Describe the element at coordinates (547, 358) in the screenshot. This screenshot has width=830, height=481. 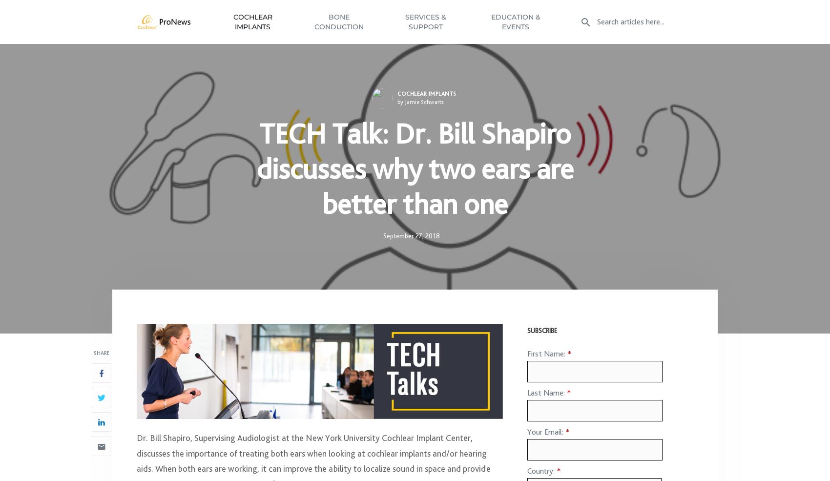
I see `'First Name:'` at that location.